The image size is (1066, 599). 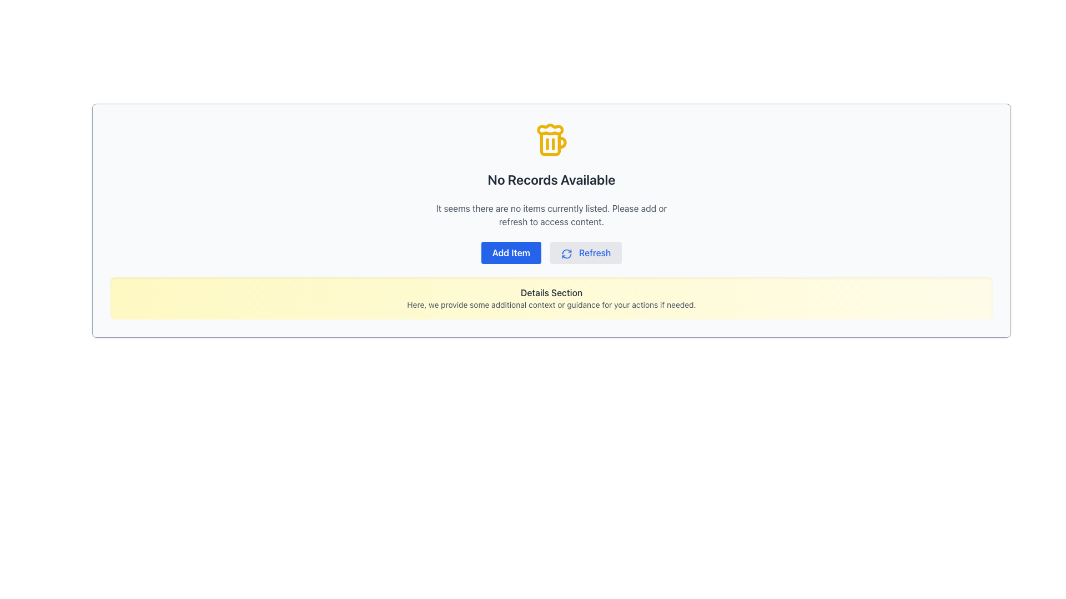 What do you see at coordinates (551, 252) in the screenshot?
I see `the 'Refresh' button in the horizontal group of buttons positioned below the no records message and above the additional details section` at bounding box center [551, 252].